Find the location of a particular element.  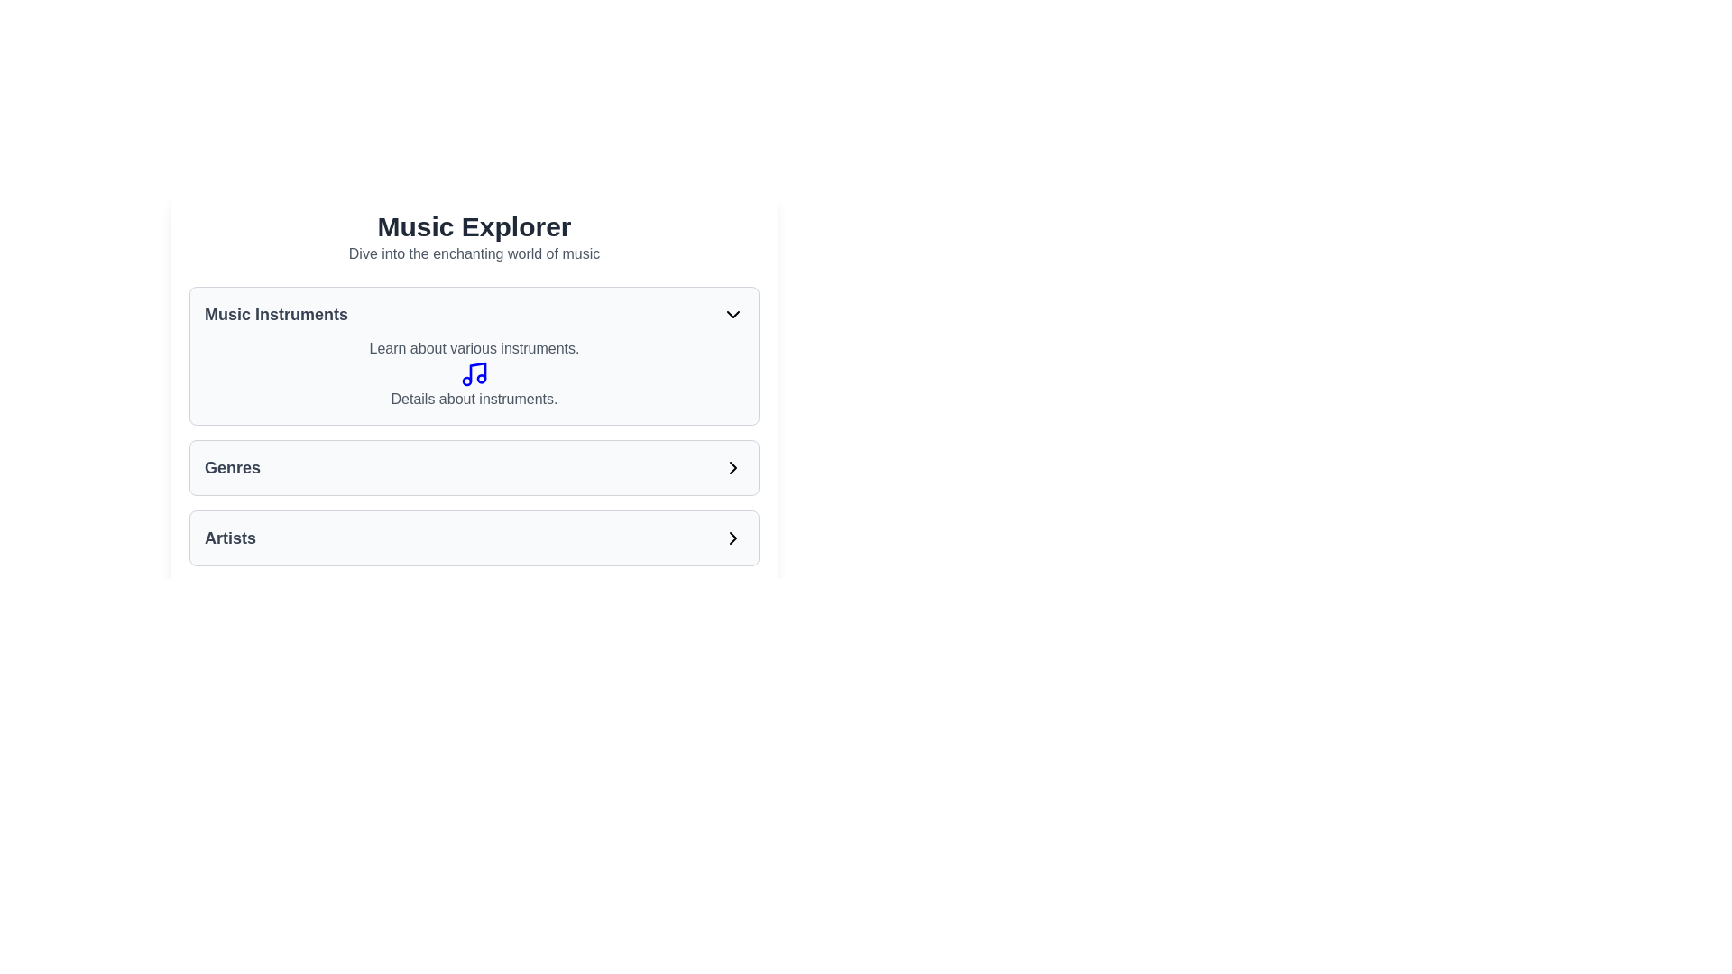

the informational text block in the 'Music Instruments' section, which includes the text 'Learn about various instruments.' and 'Details about instruments.' along with a blue music note icon is located at coordinates (474, 373).